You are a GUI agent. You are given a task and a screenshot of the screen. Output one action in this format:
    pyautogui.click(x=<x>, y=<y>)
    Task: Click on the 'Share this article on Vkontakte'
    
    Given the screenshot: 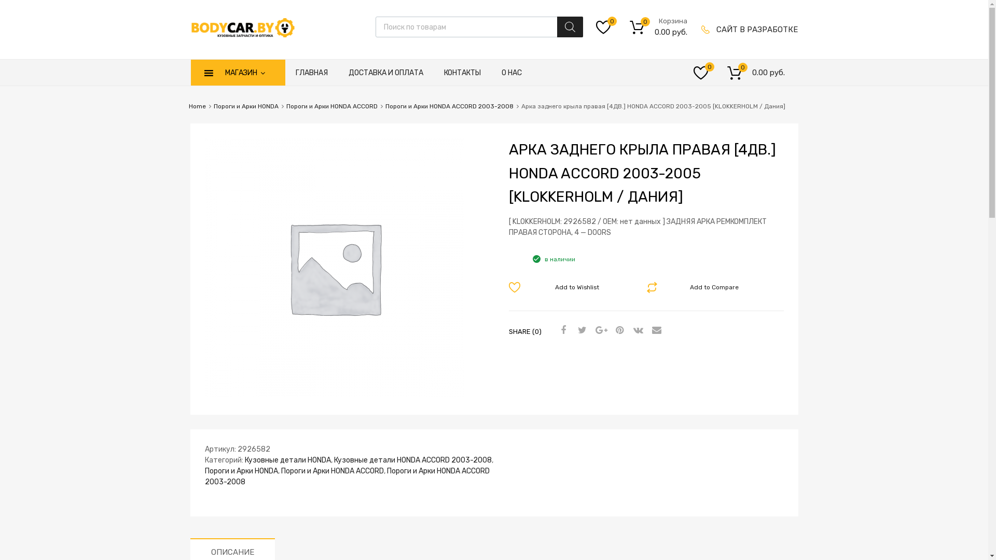 What is the action you would take?
    pyautogui.click(x=636, y=330)
    